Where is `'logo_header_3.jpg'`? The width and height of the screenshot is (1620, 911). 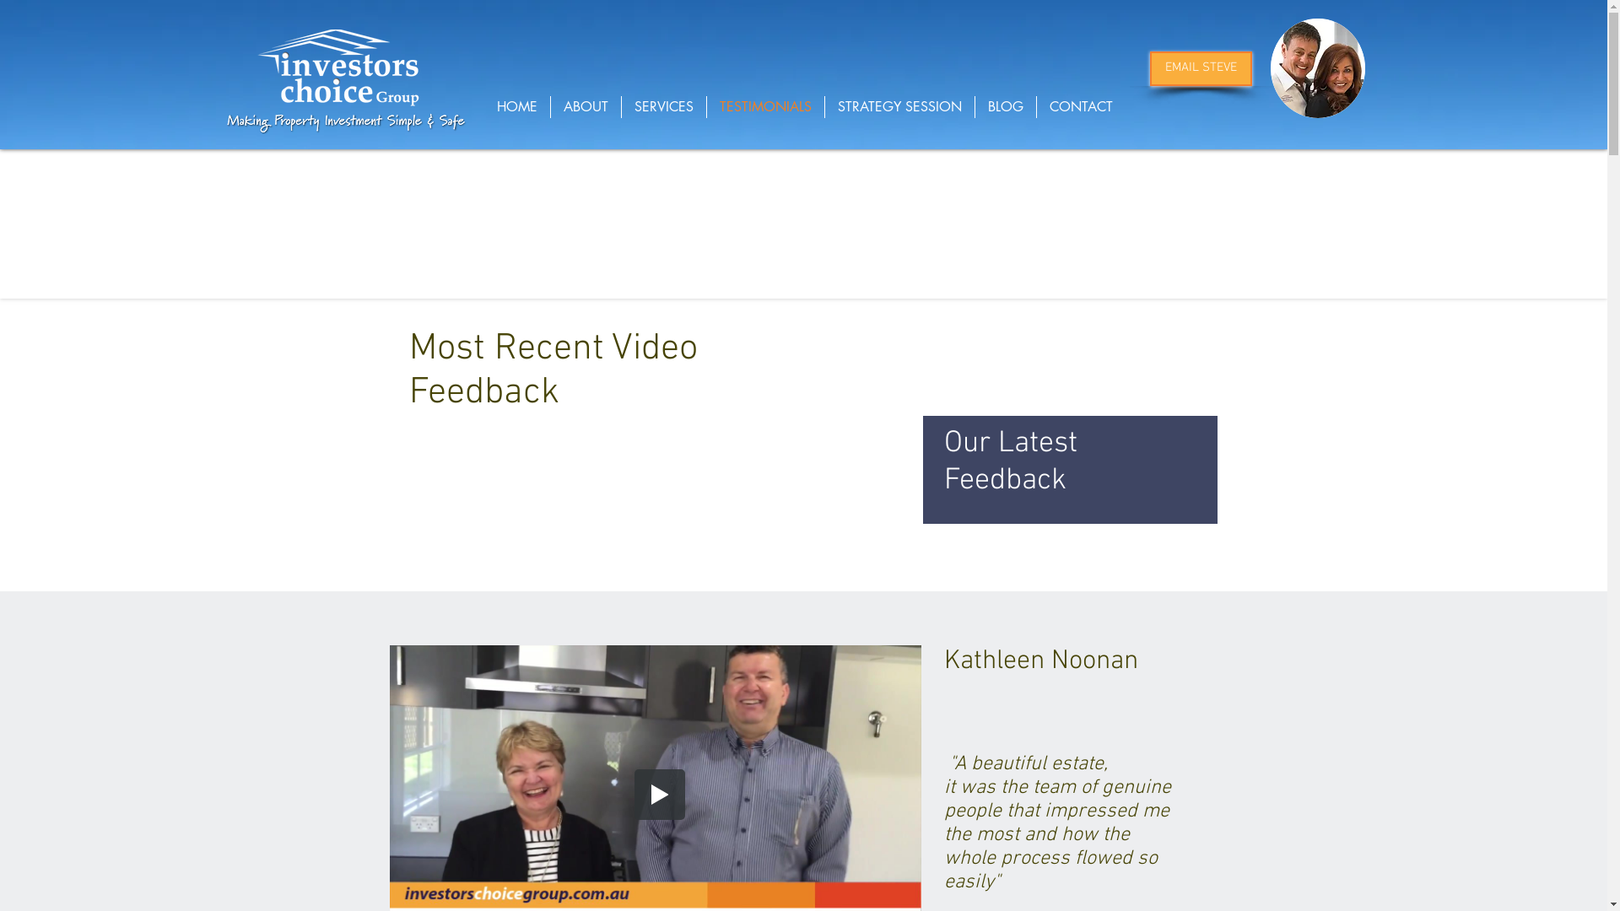 'logo_header_3.jpg' is located at coordinates (337, 67).